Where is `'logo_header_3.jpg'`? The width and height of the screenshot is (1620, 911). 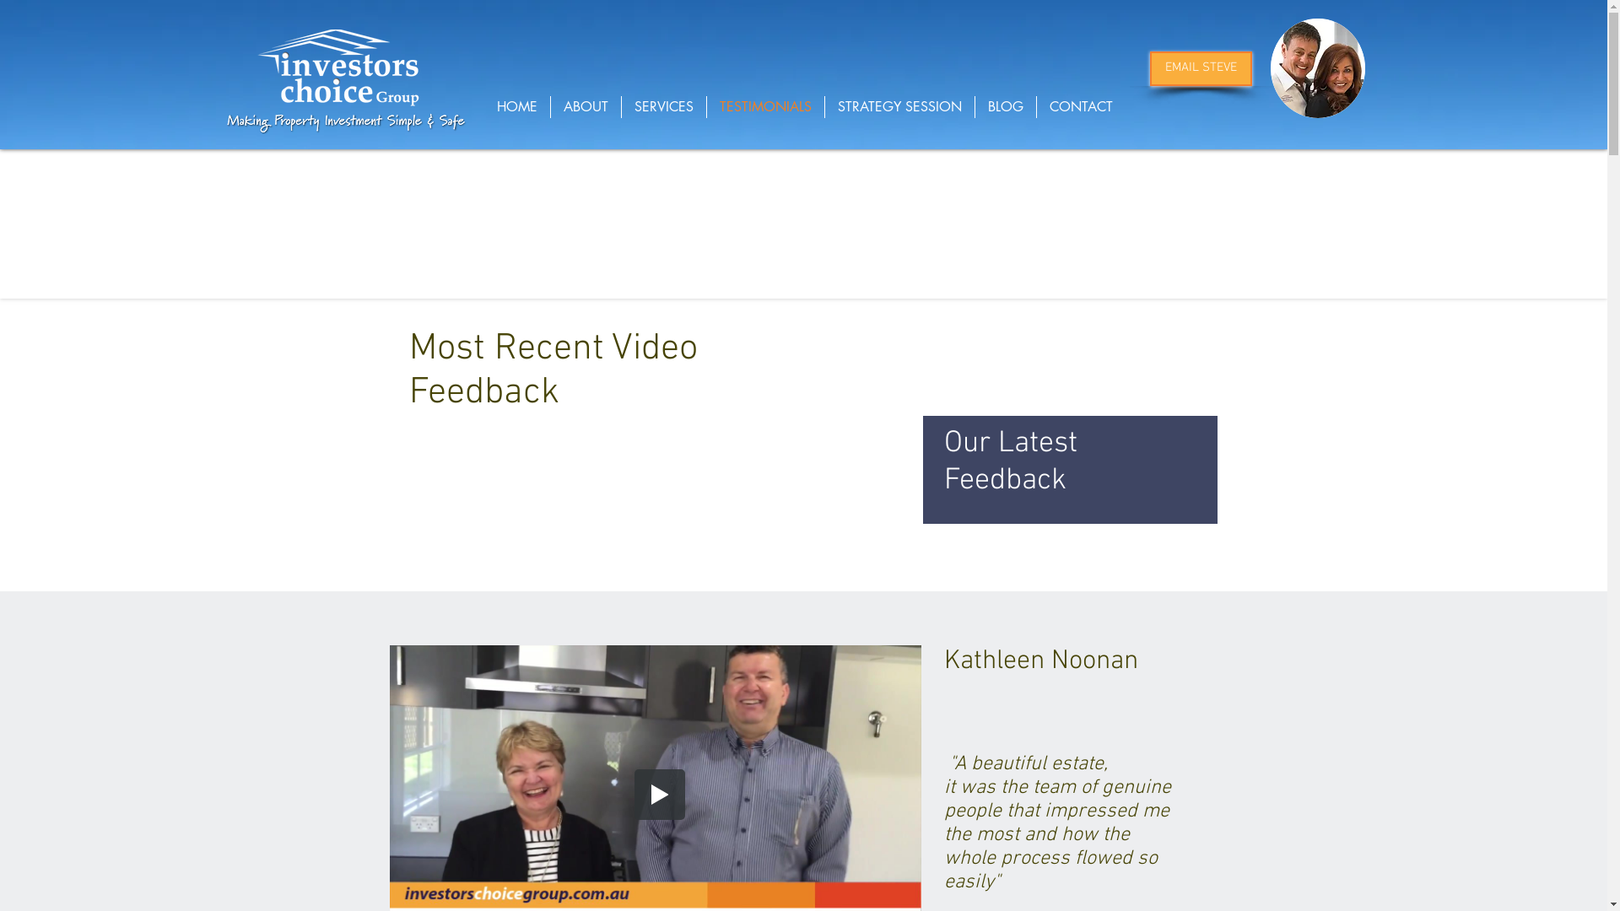 'logo_header_3.jpg' is located at coordinates (337, 67).